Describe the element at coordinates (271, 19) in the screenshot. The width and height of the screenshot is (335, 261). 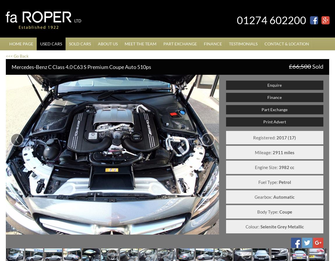
I see `'01274 602200'` at that location.